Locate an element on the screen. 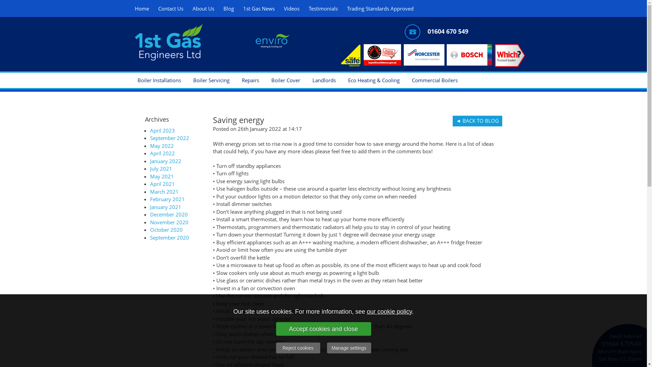 This screenshot has width=652, height=367. '1st Gas News' is located at coordinates (258, 8).